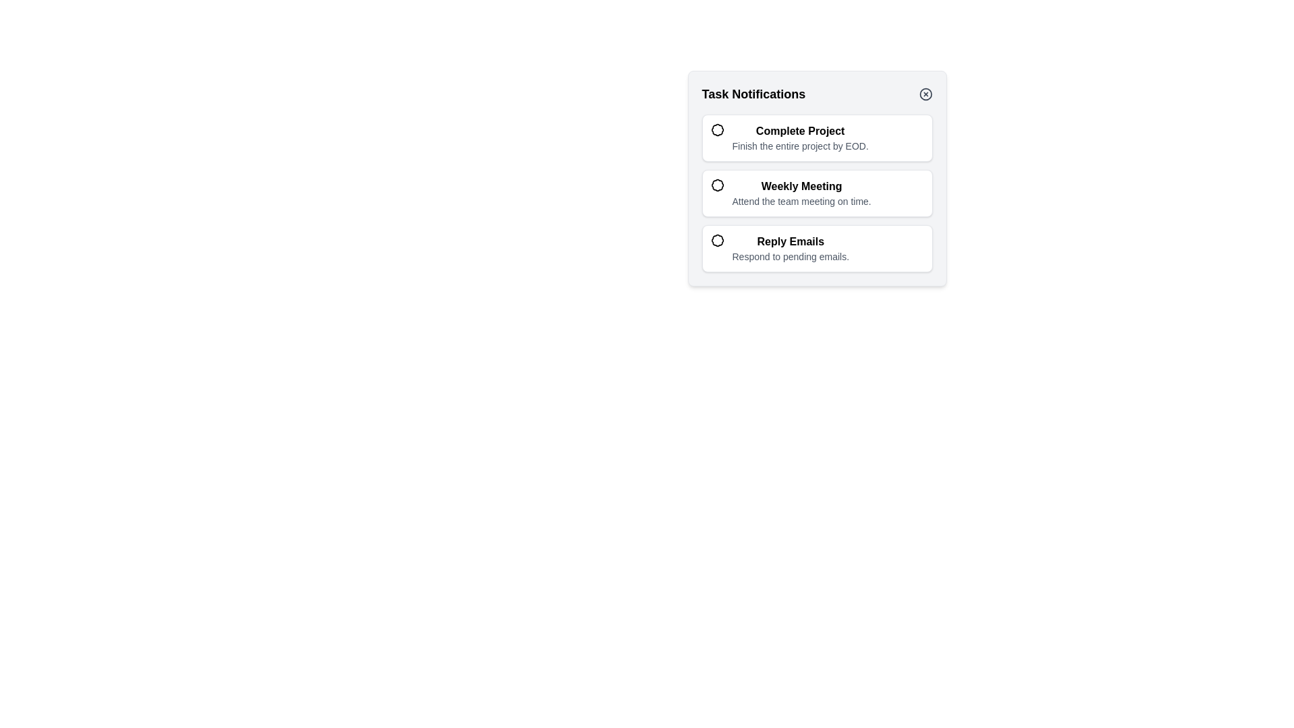  I want to click on the 'Weekly Meeting' text label, which is bold and black, located in the second notification card under the 'Task Notifications' header, so click(801, 187).